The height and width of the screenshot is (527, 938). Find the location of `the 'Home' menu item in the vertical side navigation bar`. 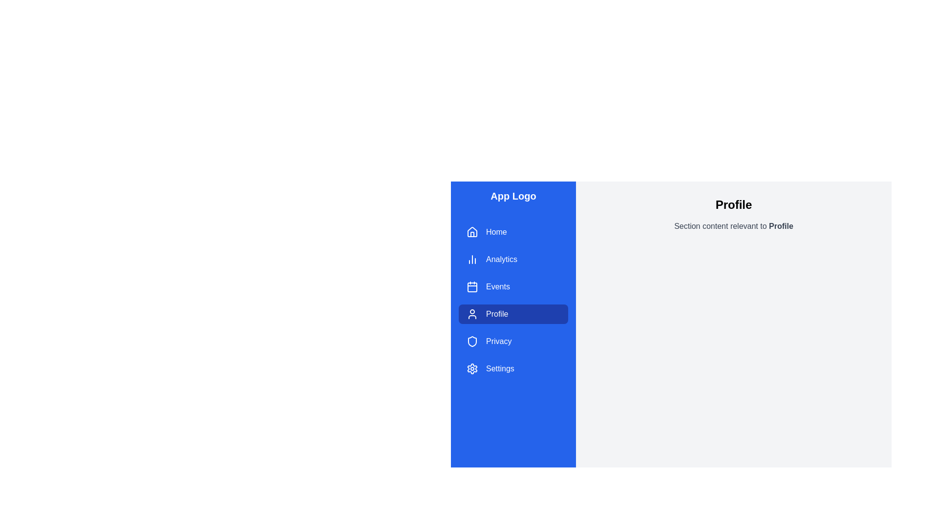

the 'Home' menu item in the vertical side navigation bar is located at coordinates (513, 232).